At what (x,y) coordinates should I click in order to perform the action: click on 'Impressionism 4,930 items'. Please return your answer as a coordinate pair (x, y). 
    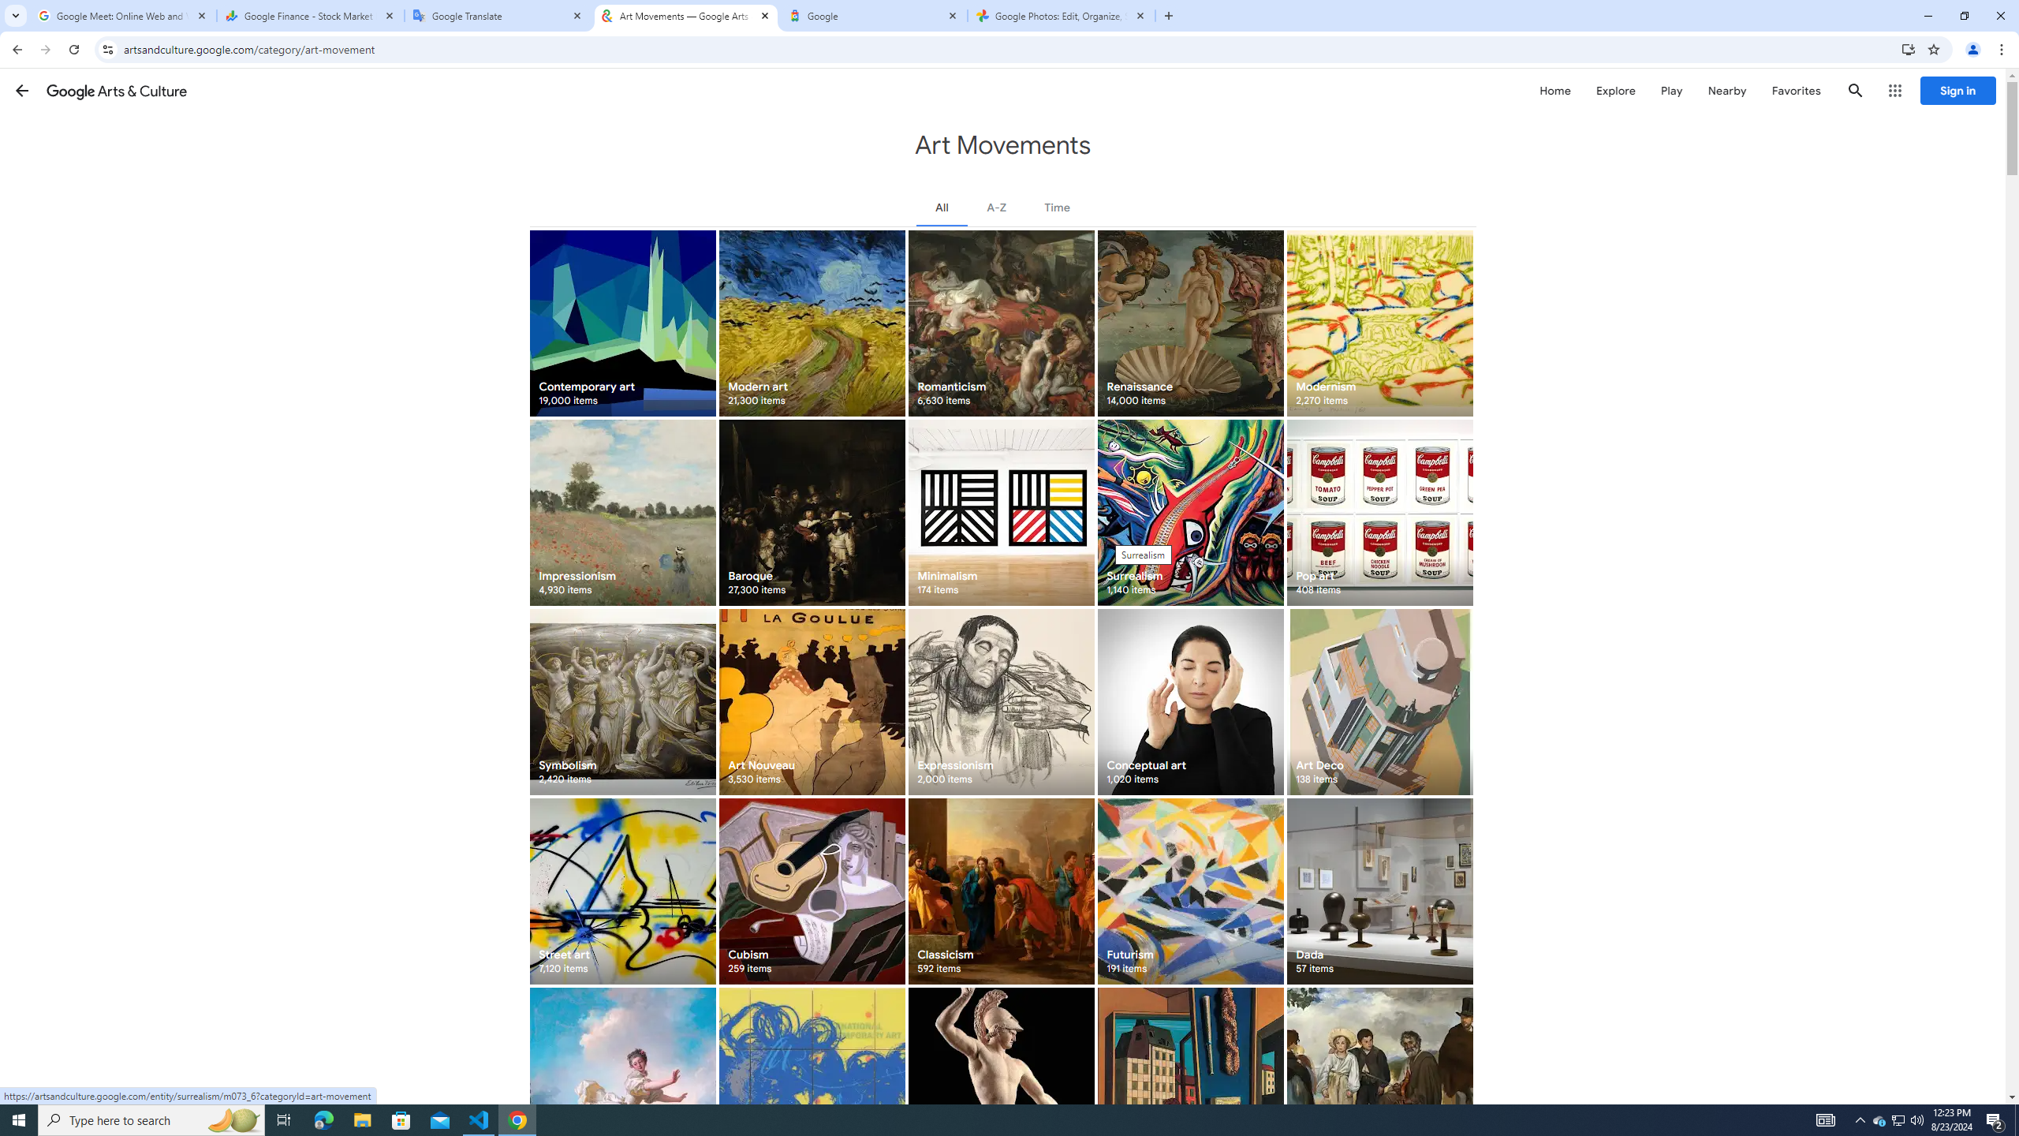
    Looking at the image, I should click on (621, 511).